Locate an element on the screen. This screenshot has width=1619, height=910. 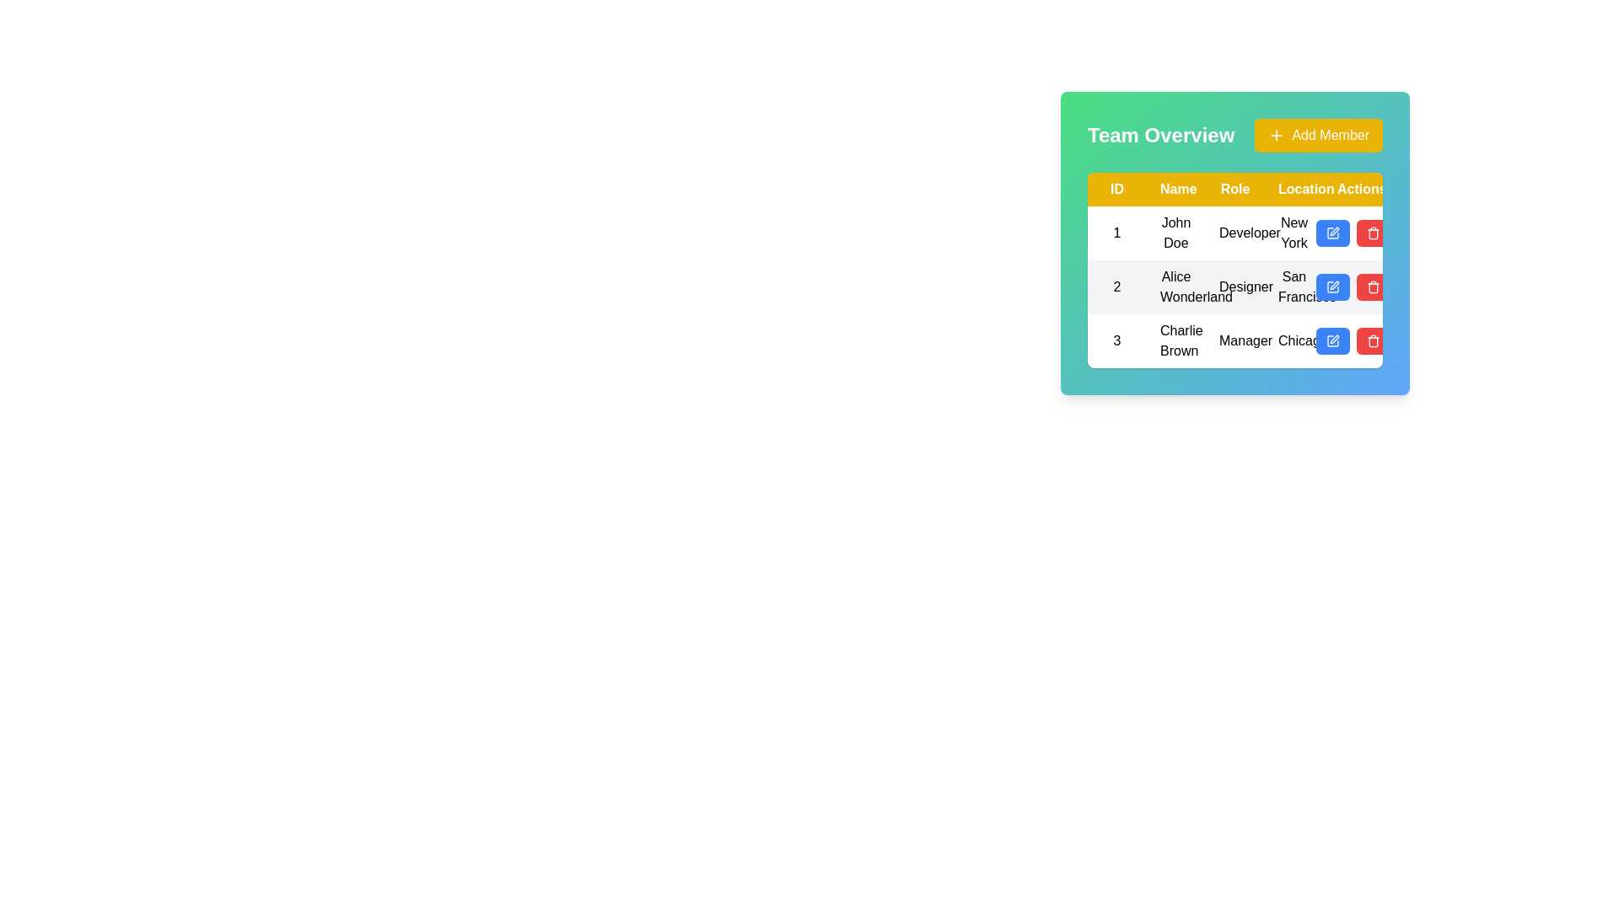
the first row of the 'Team Overview' table, which displays user details including ID, name, role, and location is located at coordinates (1234, 233).